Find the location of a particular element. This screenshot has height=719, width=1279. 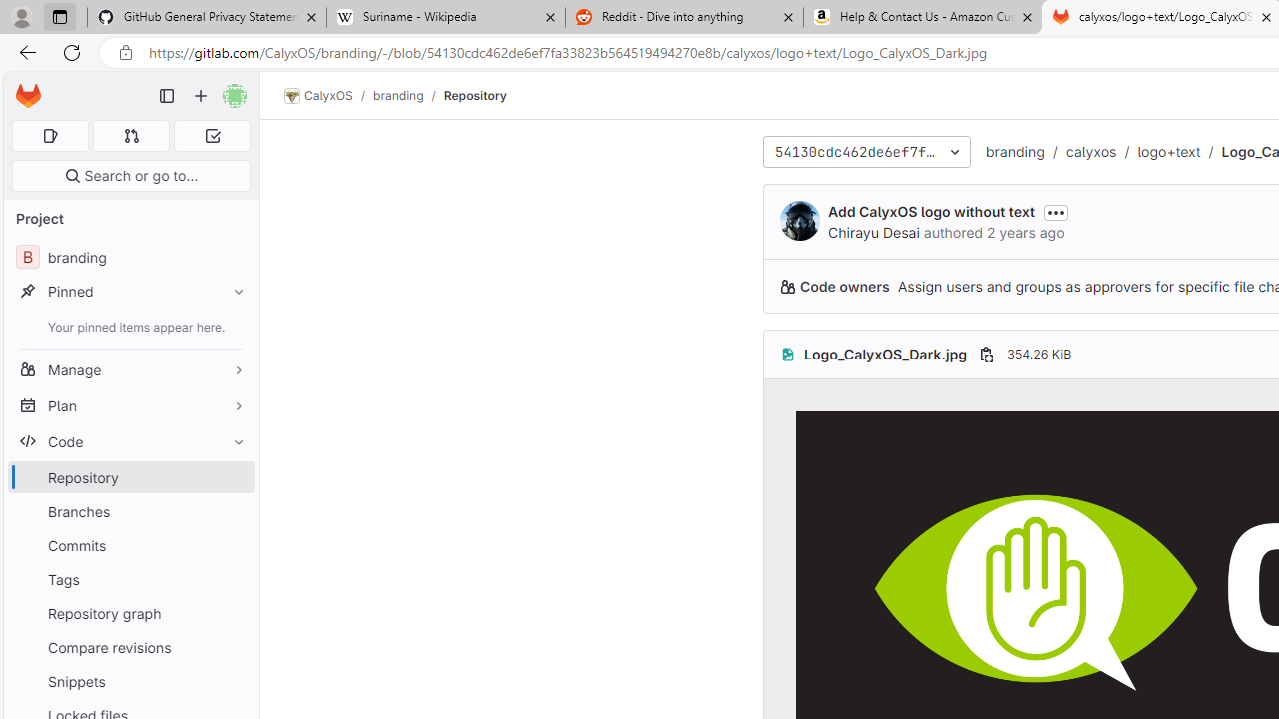

'Plan' is located at coordinates (130, 404).